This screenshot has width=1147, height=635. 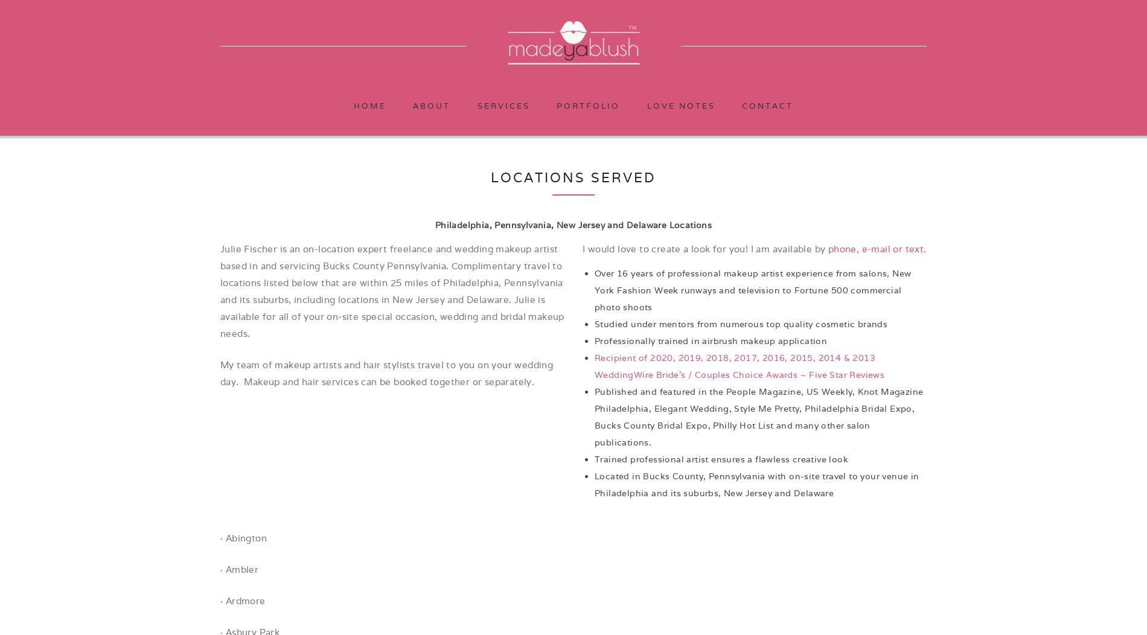 I want to click on 'Studied under mentors from numerous top quality cosmetic brands', so click(x=740, y=324).